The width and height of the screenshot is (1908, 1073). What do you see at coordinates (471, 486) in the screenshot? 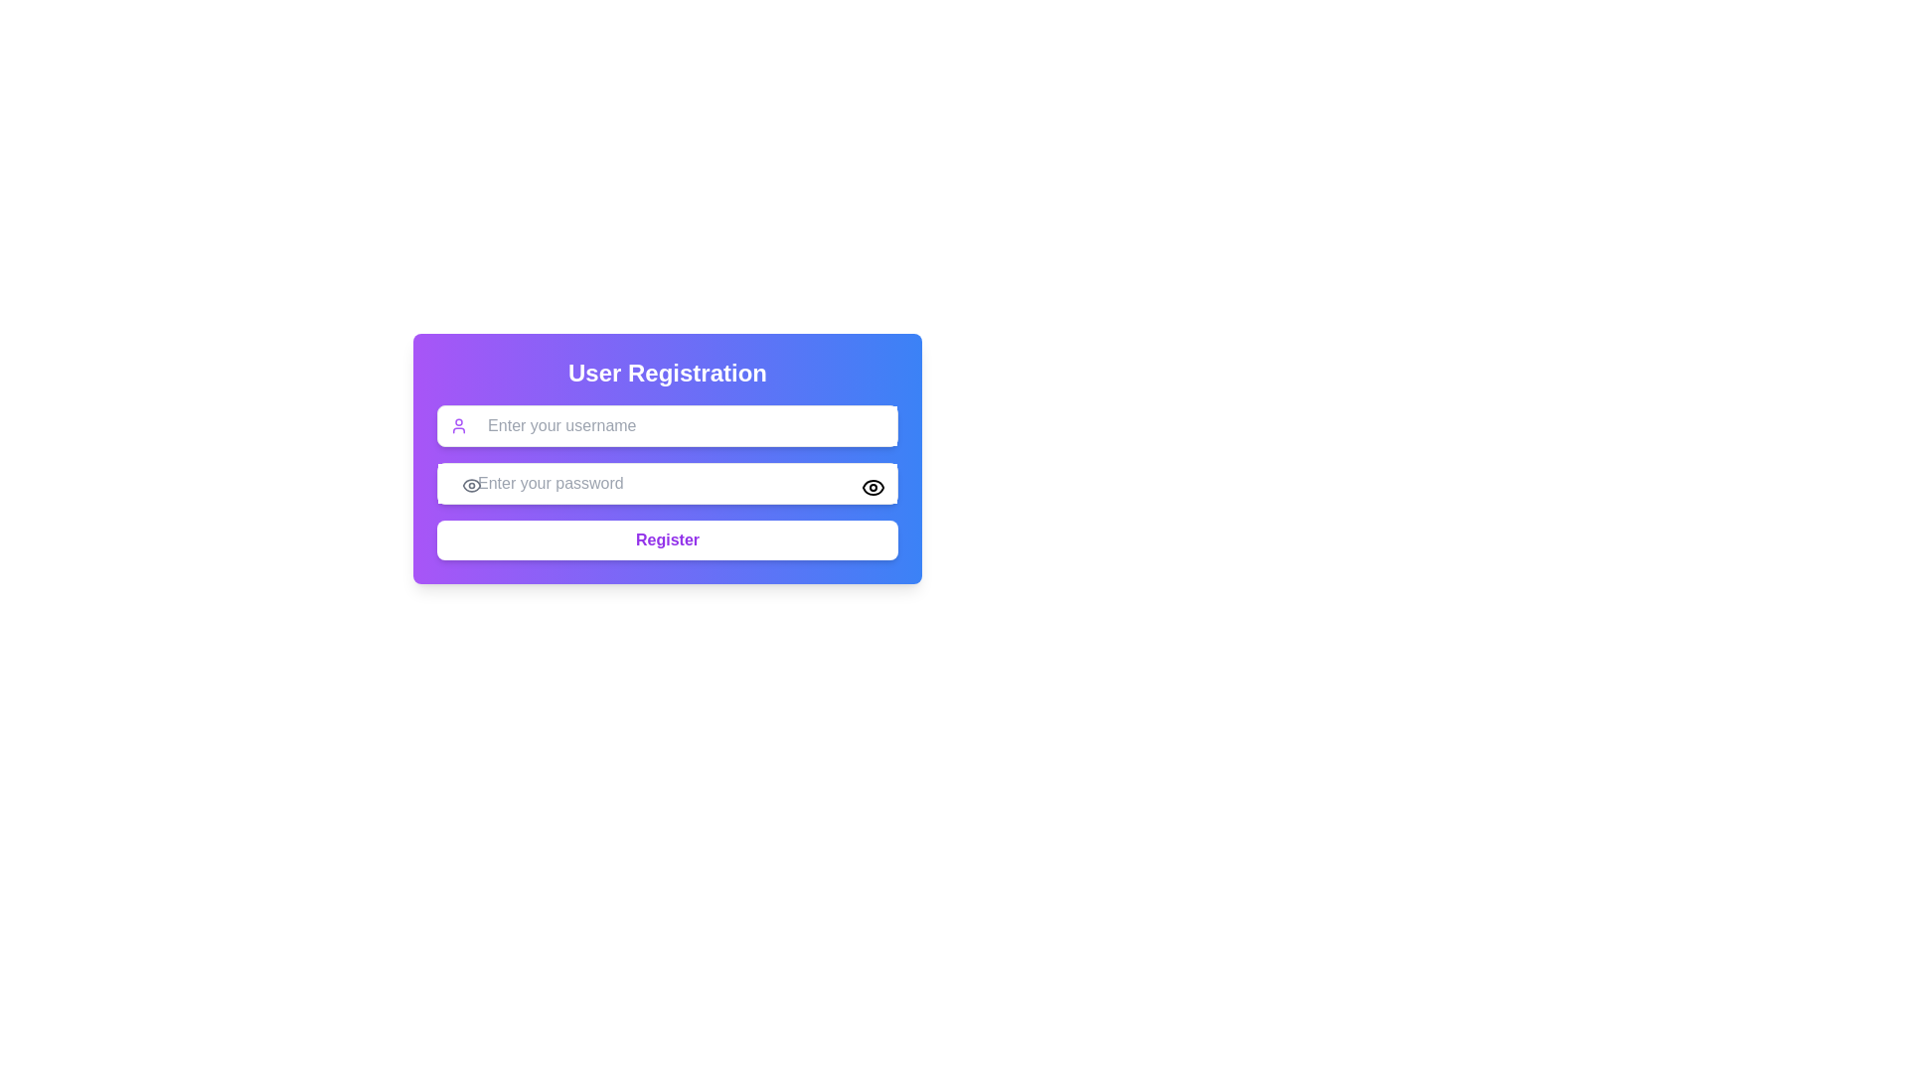
I see `the eye icon located inside the password input box of the 'User Registration' form` at bounding box center [471, 486].